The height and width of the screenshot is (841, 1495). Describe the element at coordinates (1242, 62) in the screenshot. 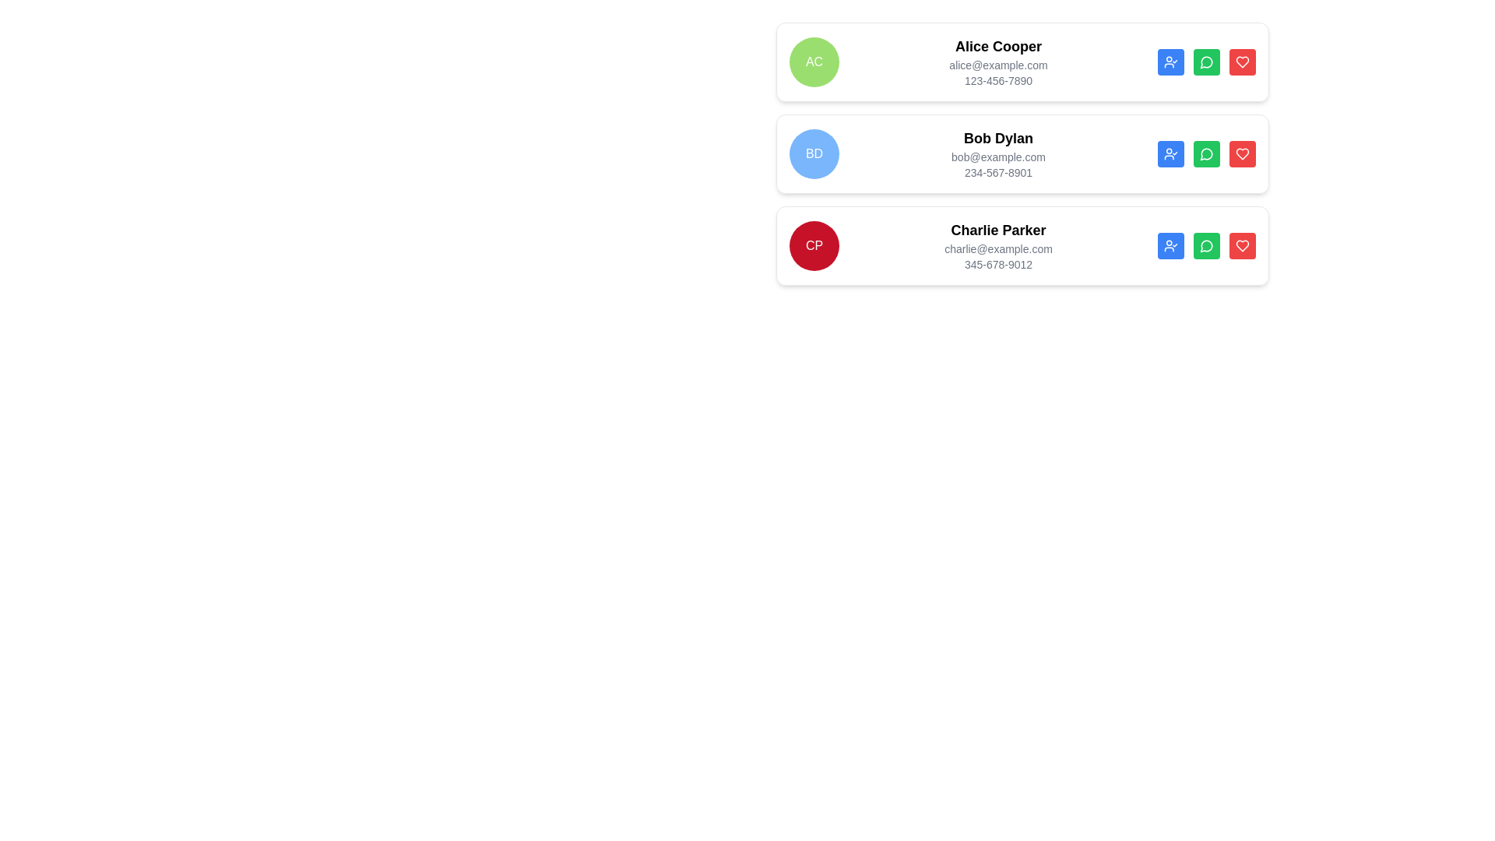

I see `the red heart icon located at the bottom-right corner of the rectangular button on the topmost user card` at that location.